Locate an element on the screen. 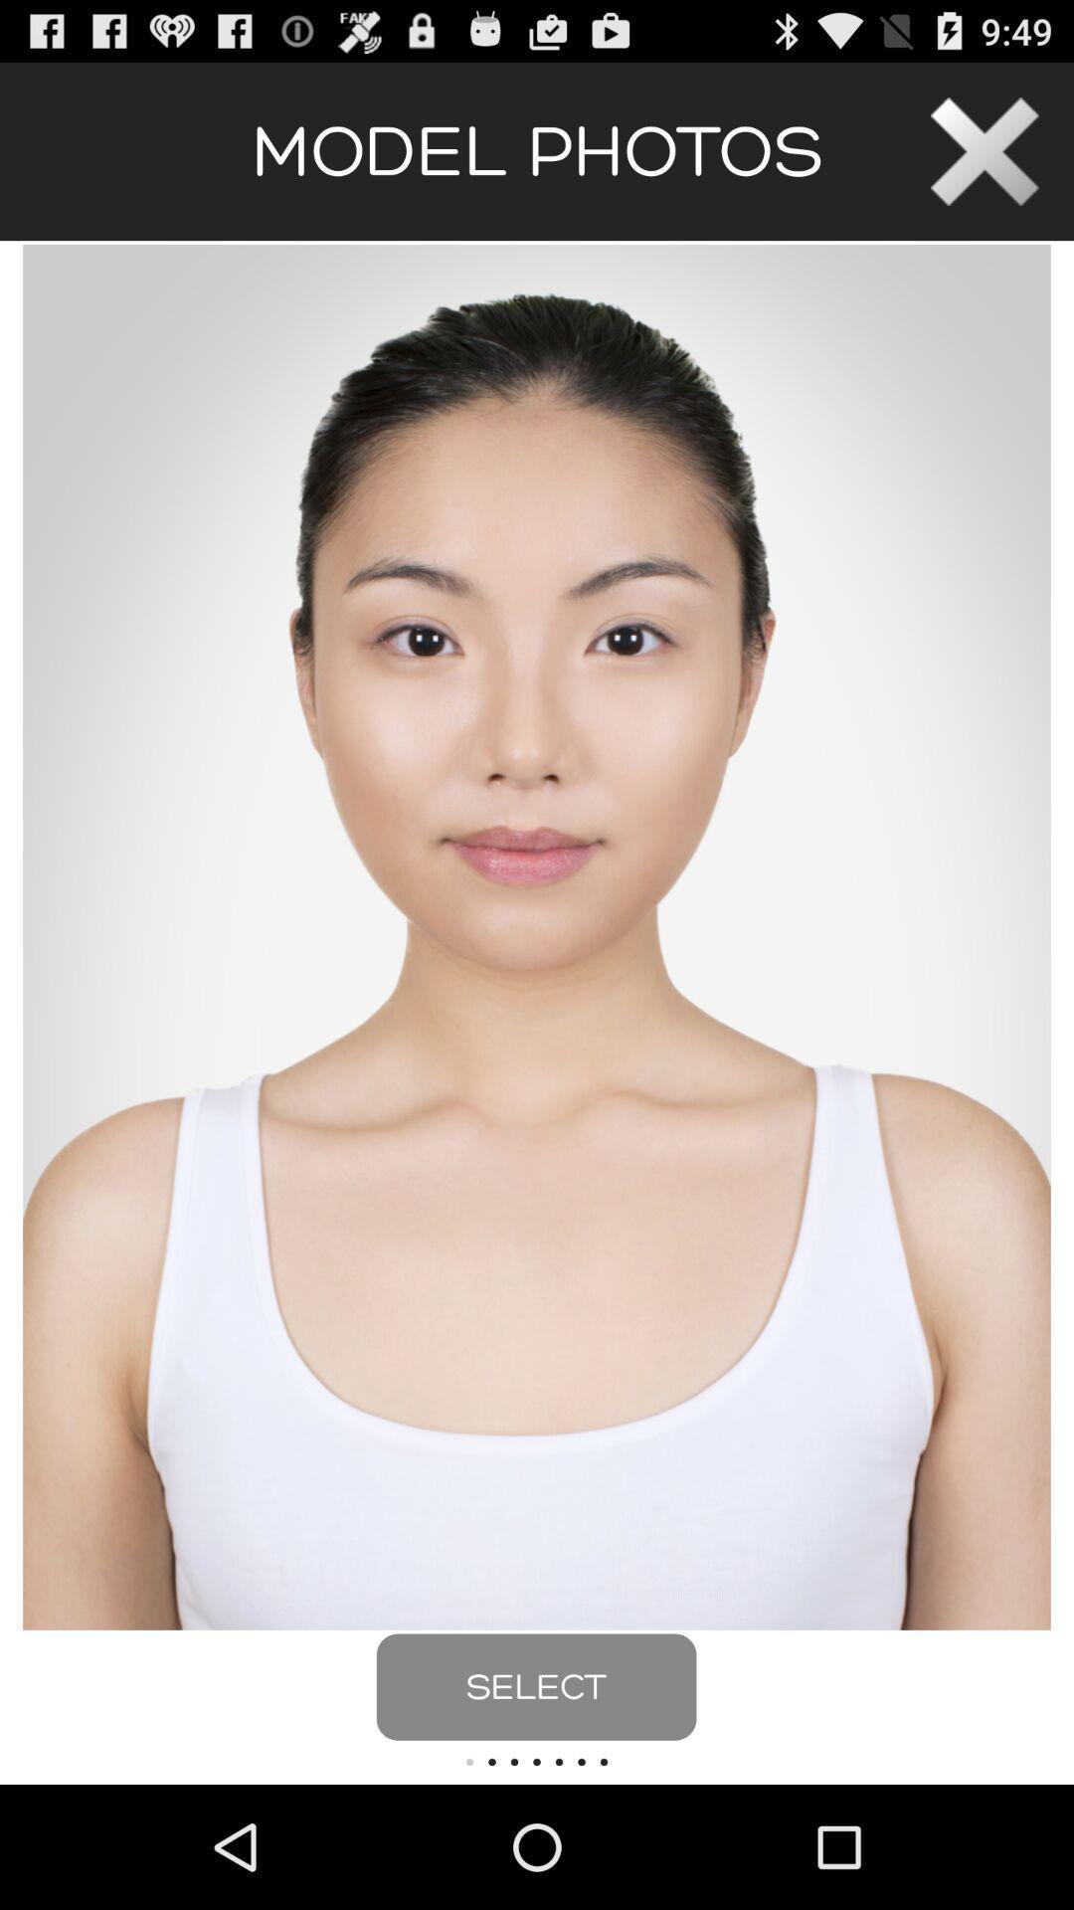  mark is located at coordinates (984, 150).